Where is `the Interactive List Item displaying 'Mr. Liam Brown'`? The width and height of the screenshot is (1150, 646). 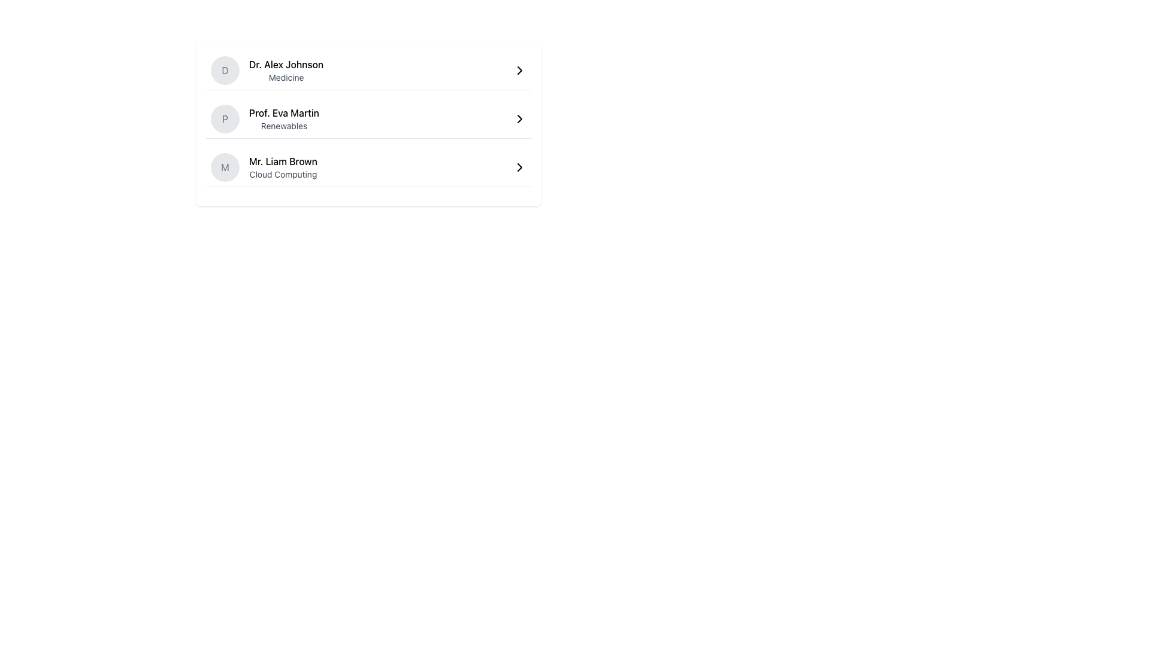
the Interactive List Item displaying 'Mr. Liam Brown' is located at coordinates (368, 167).